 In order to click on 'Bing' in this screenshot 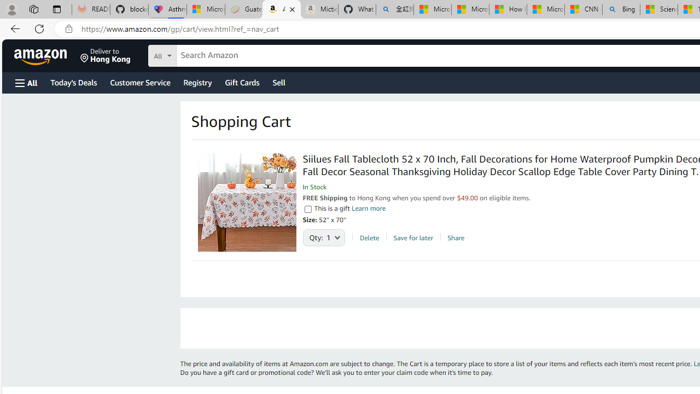, I will do `click(621, 9)`.